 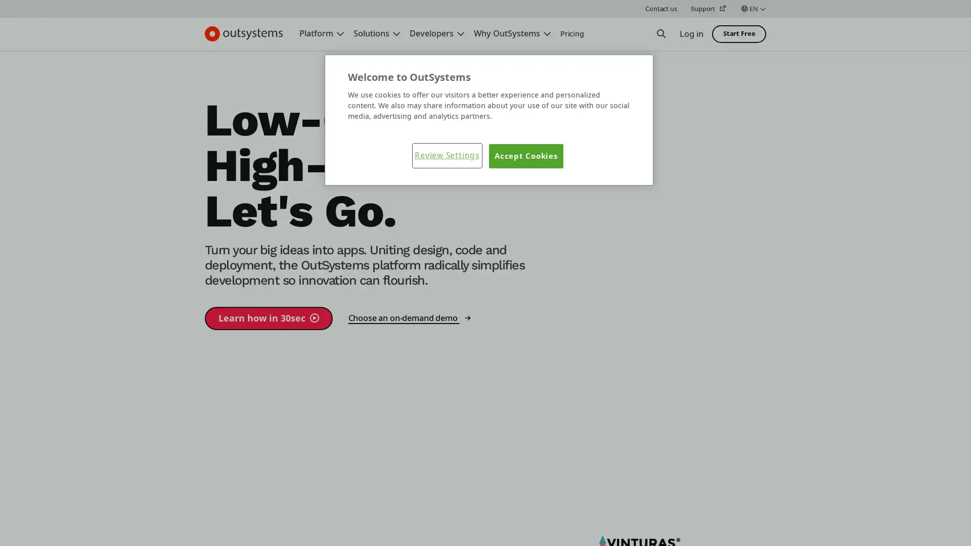 I want to click on Accept Cookies, so click(x=526, y=156).